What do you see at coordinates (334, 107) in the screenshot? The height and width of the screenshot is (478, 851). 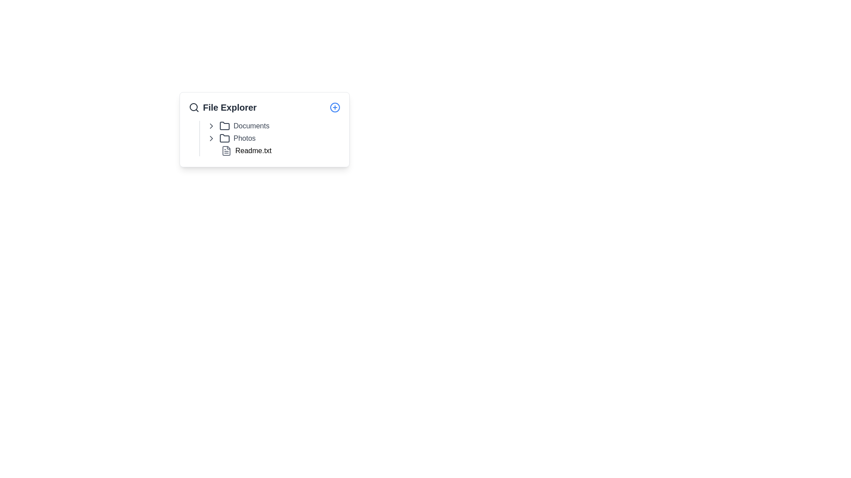 I see `the rightmost icon button in the 'File Explorer' section` at bounding box center [334, 107].